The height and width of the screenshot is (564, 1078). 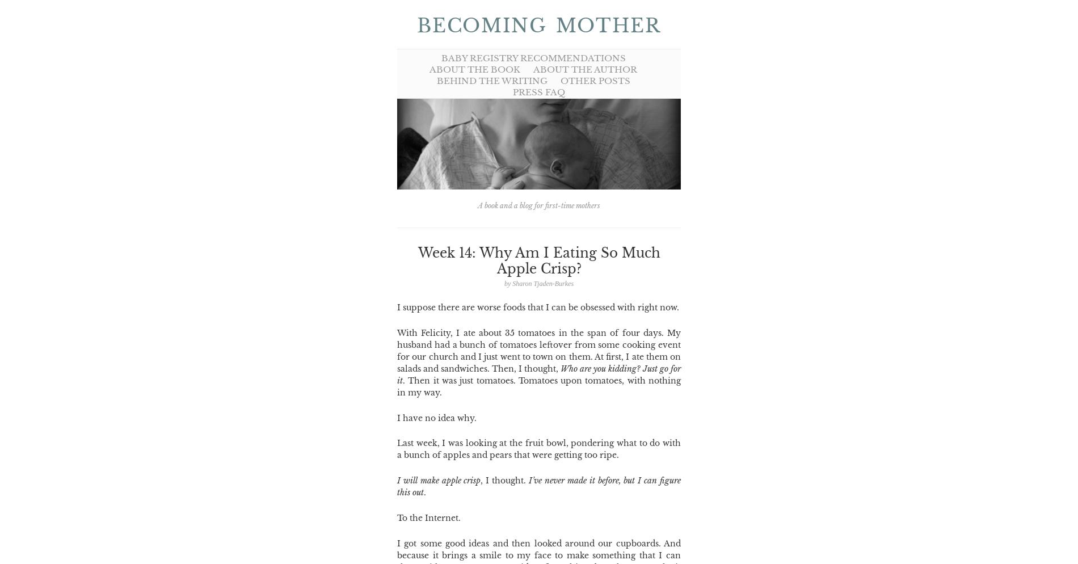 What do you see at coordinates (440, 58) in the screenshot?
I see `'Baby Registry Recommendations'` at bounding box center [440, 58].